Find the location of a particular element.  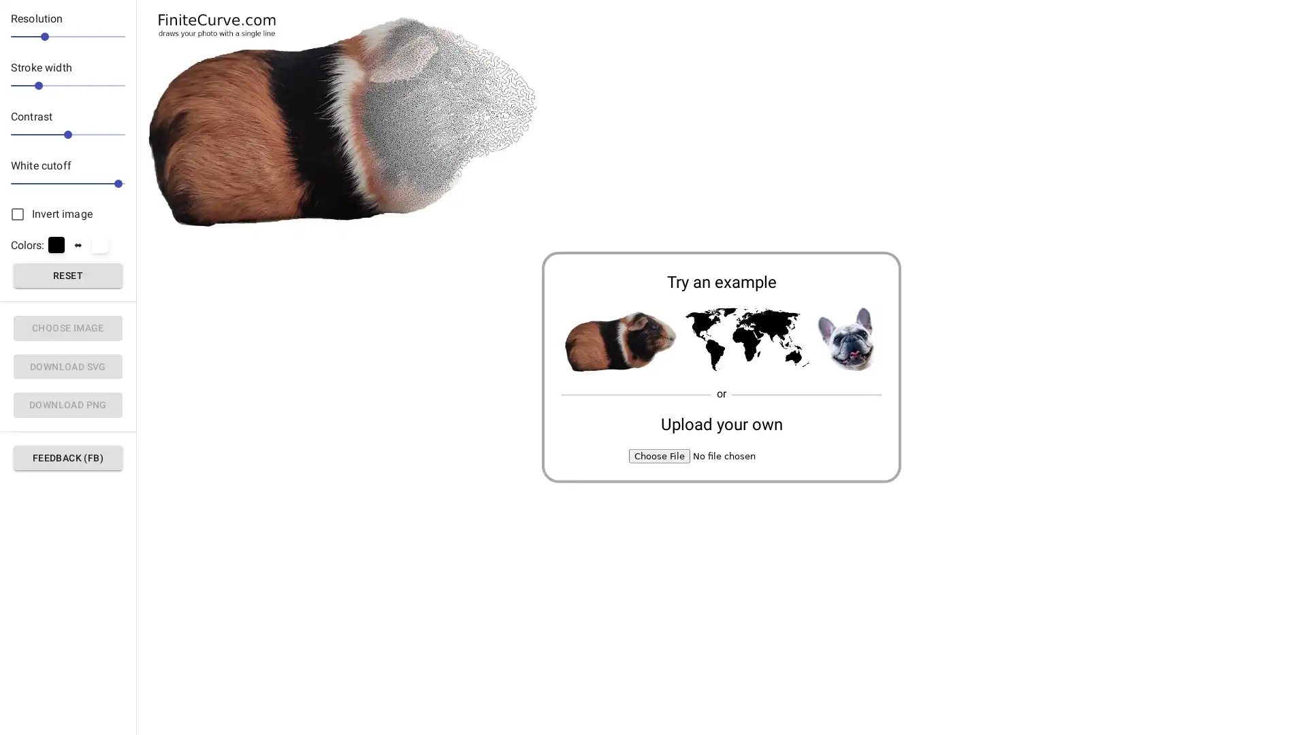

Choose File is located at coordinates (660, 456).